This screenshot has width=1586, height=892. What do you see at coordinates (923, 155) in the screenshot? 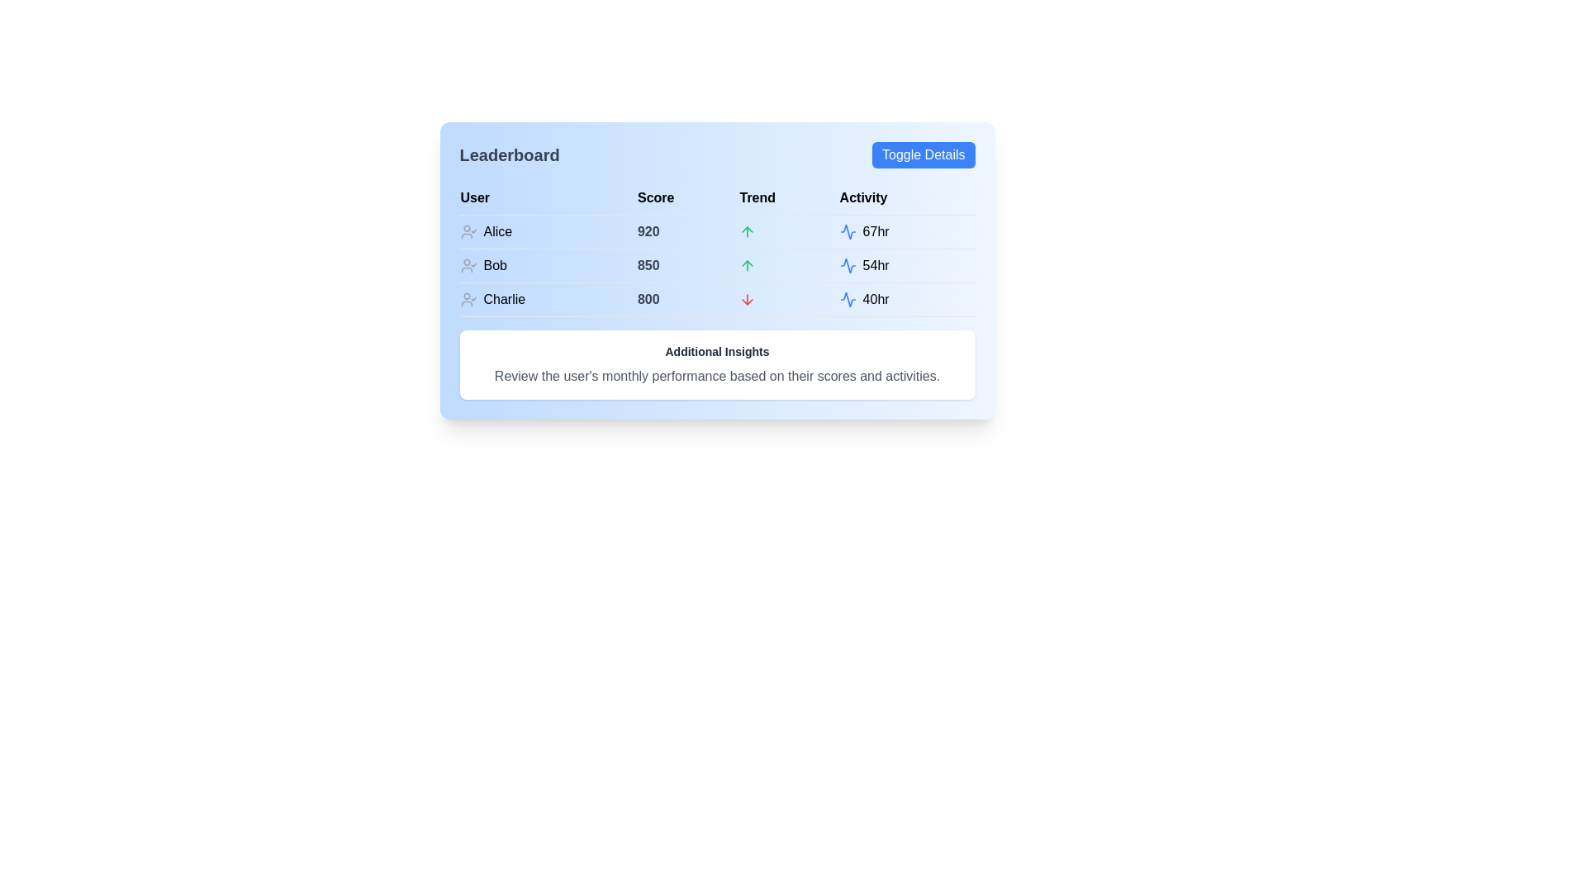
I see `the toggle button located at the top right corner of the leaderboard interface` at bounding box center [923, 155].